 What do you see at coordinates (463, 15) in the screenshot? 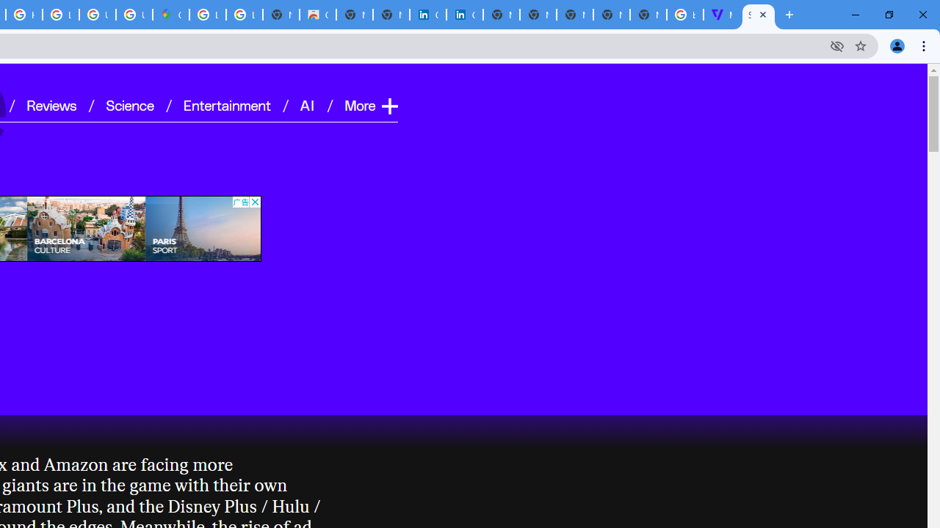
I see `'Cookie Policy | LinkedIn'` at bounding box center [463, 15].